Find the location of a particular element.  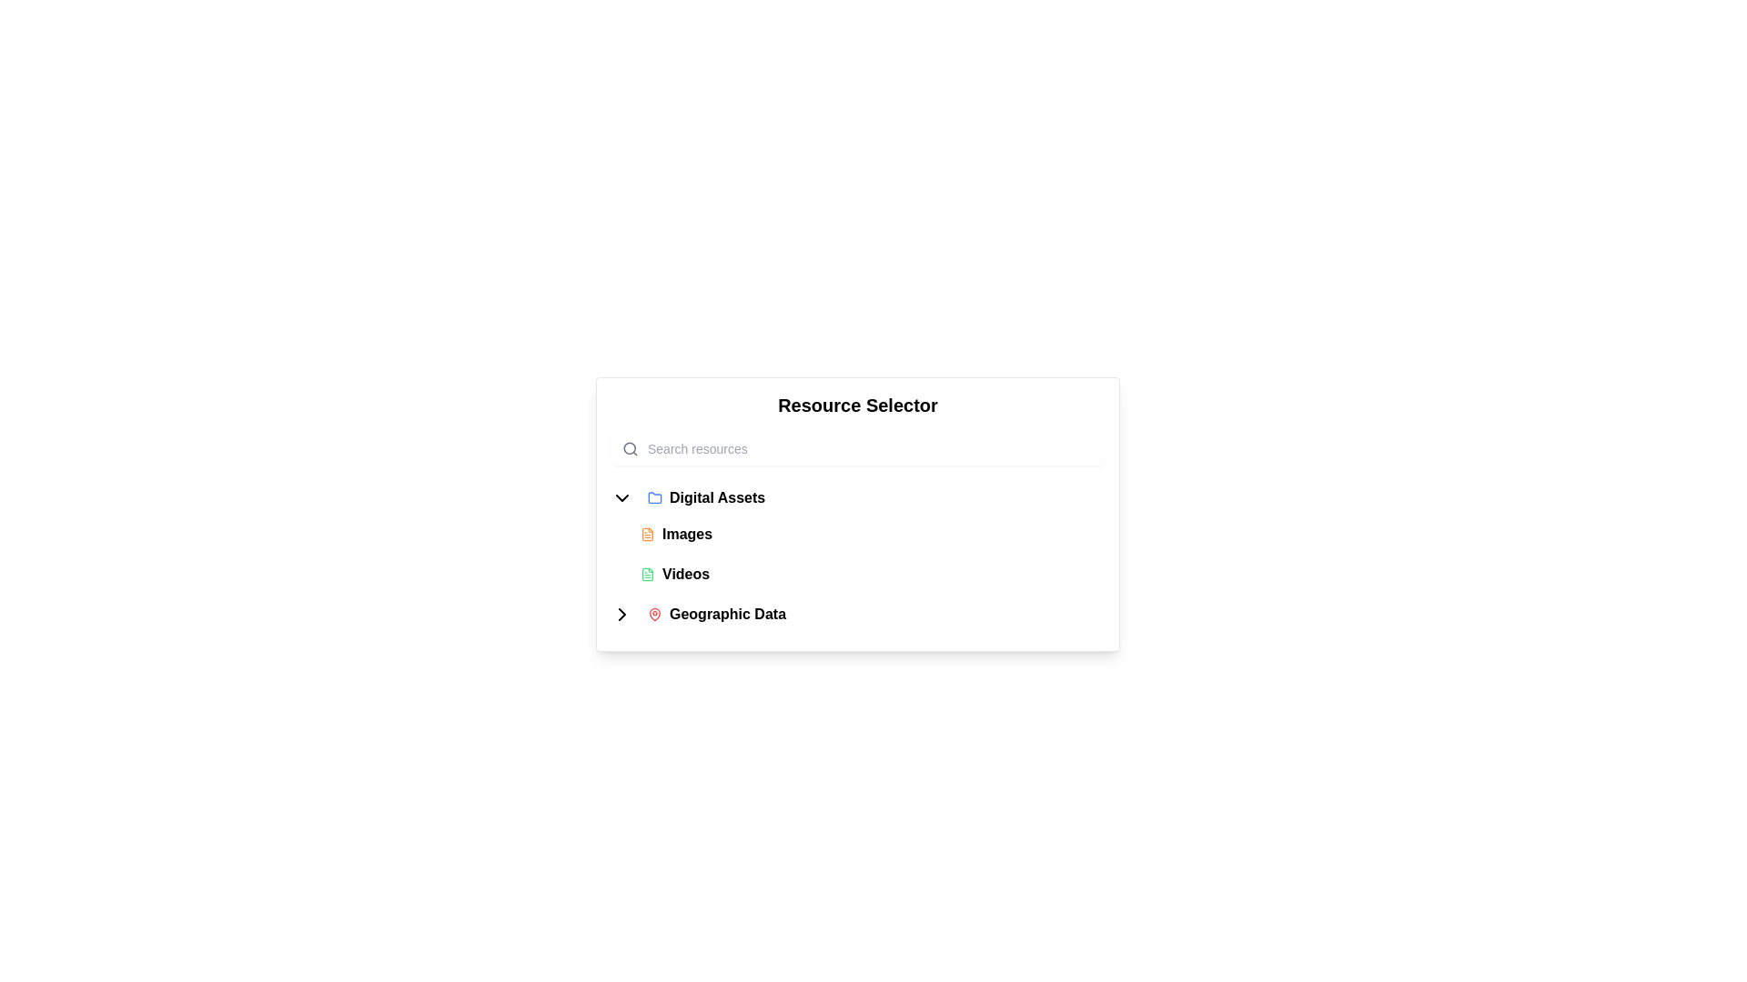

the 'Geographic Data' list item in the navigational menu is located at coordinates (856, 556).